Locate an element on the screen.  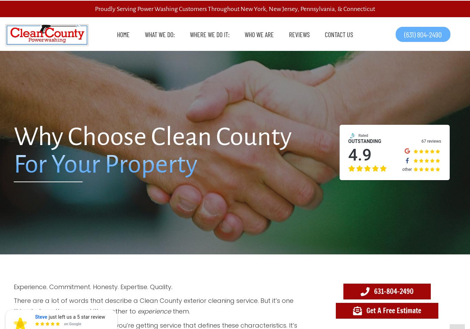
'Rated' is located at coordinates (358, 135).